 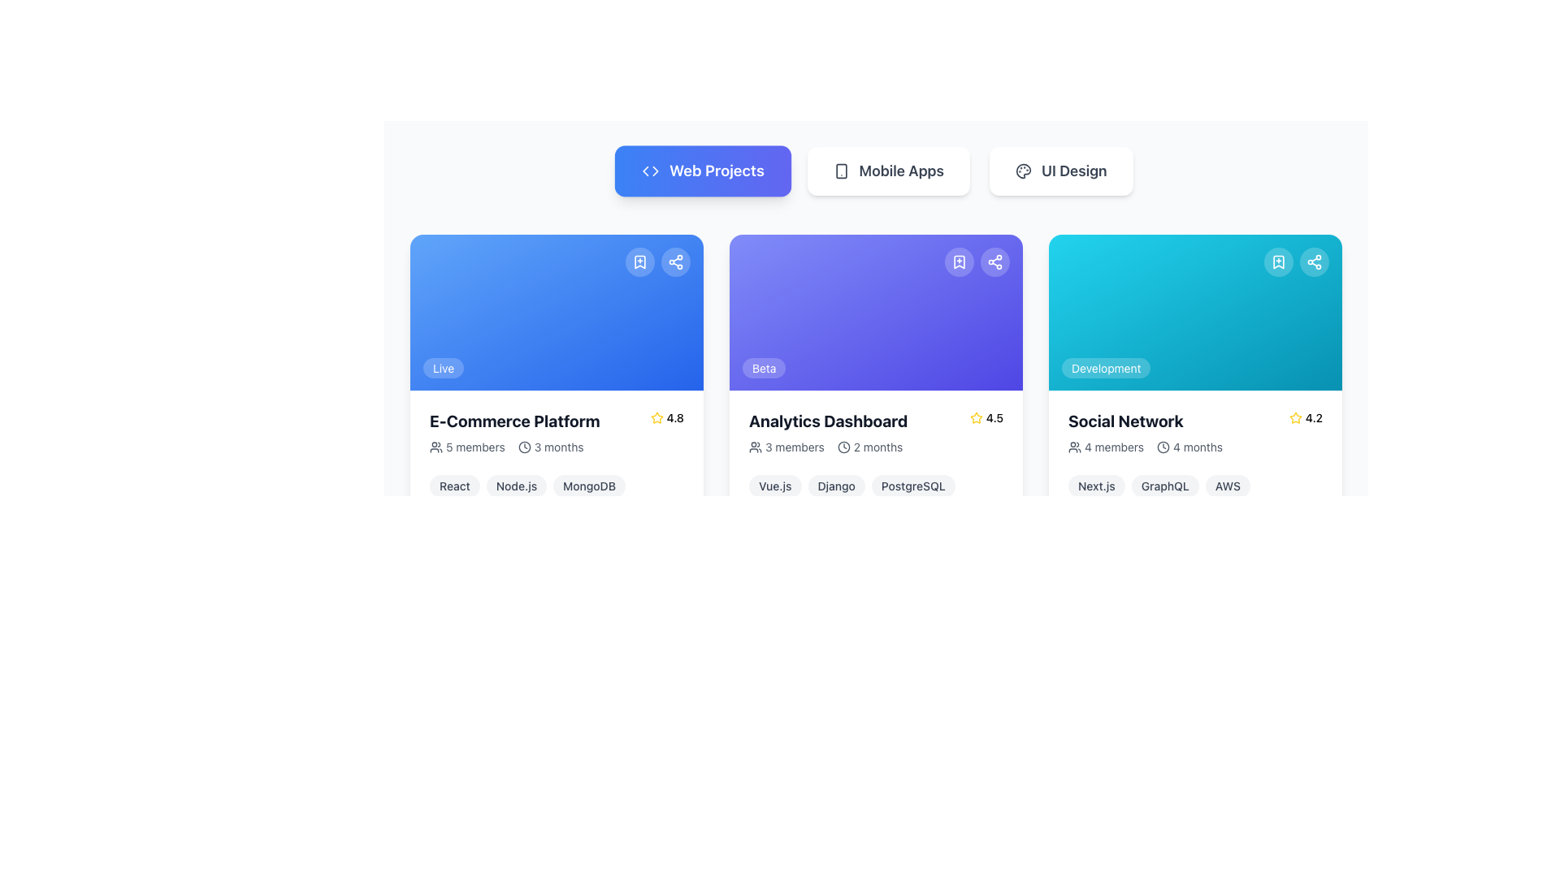 What do you see at coordinates (1314, 261) in the screenshot?
I see `the circular button housing a share icon located in the top-right corner of the 'Social Network' card to activate the hover effect and see more information` at bounding box center [1314, 261].